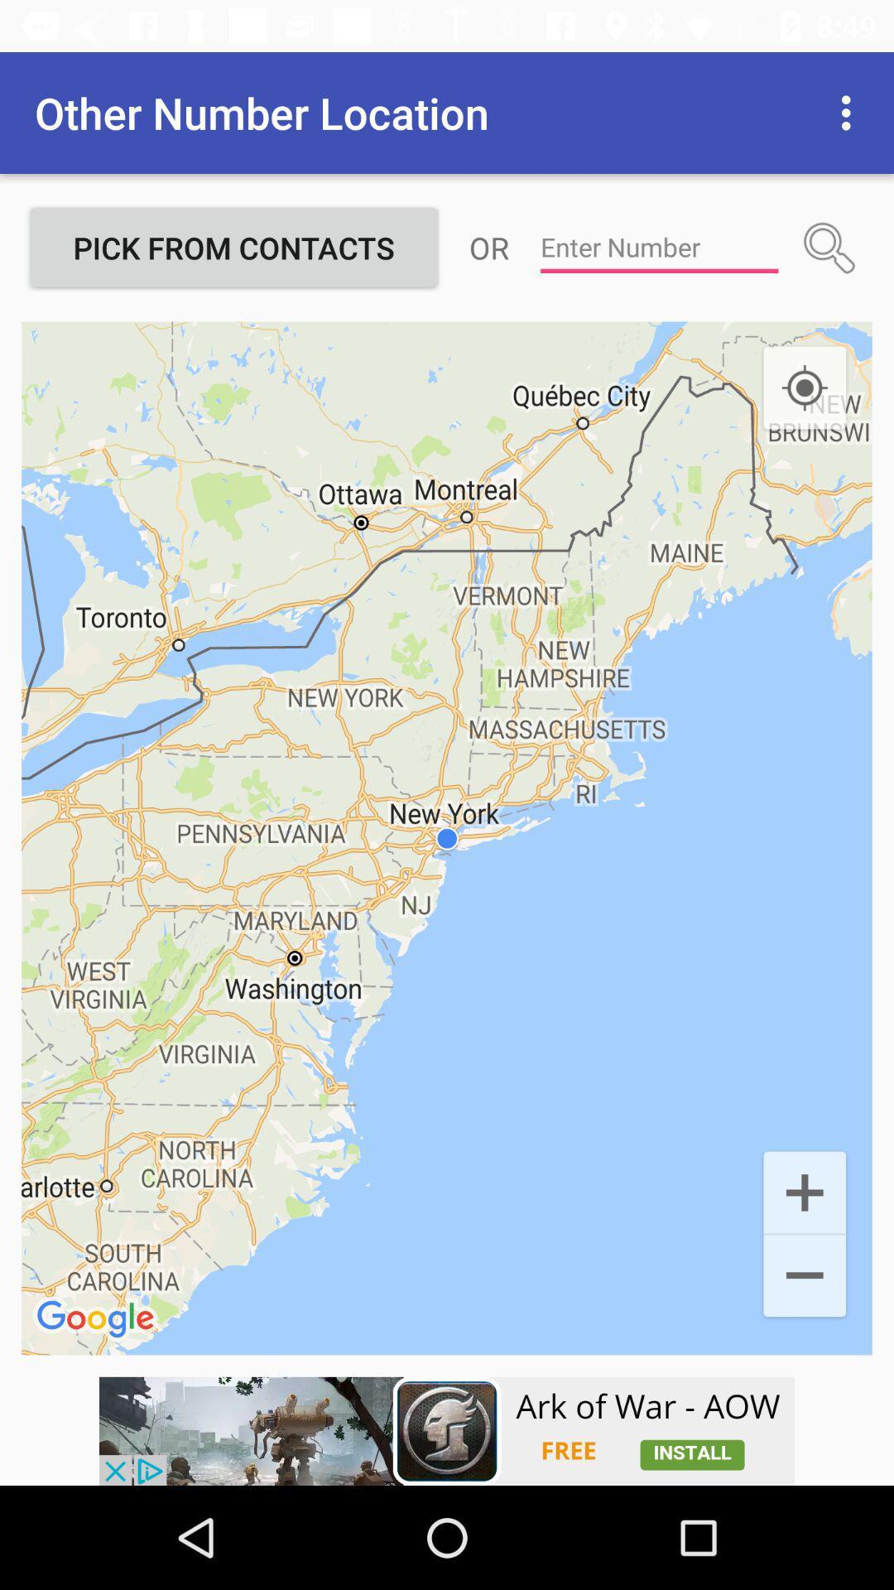 The image size is (894, 1590). What do you see at coordinates (829, 247) in the screenshot?
I see `search number` at bounding box center [829, 247].